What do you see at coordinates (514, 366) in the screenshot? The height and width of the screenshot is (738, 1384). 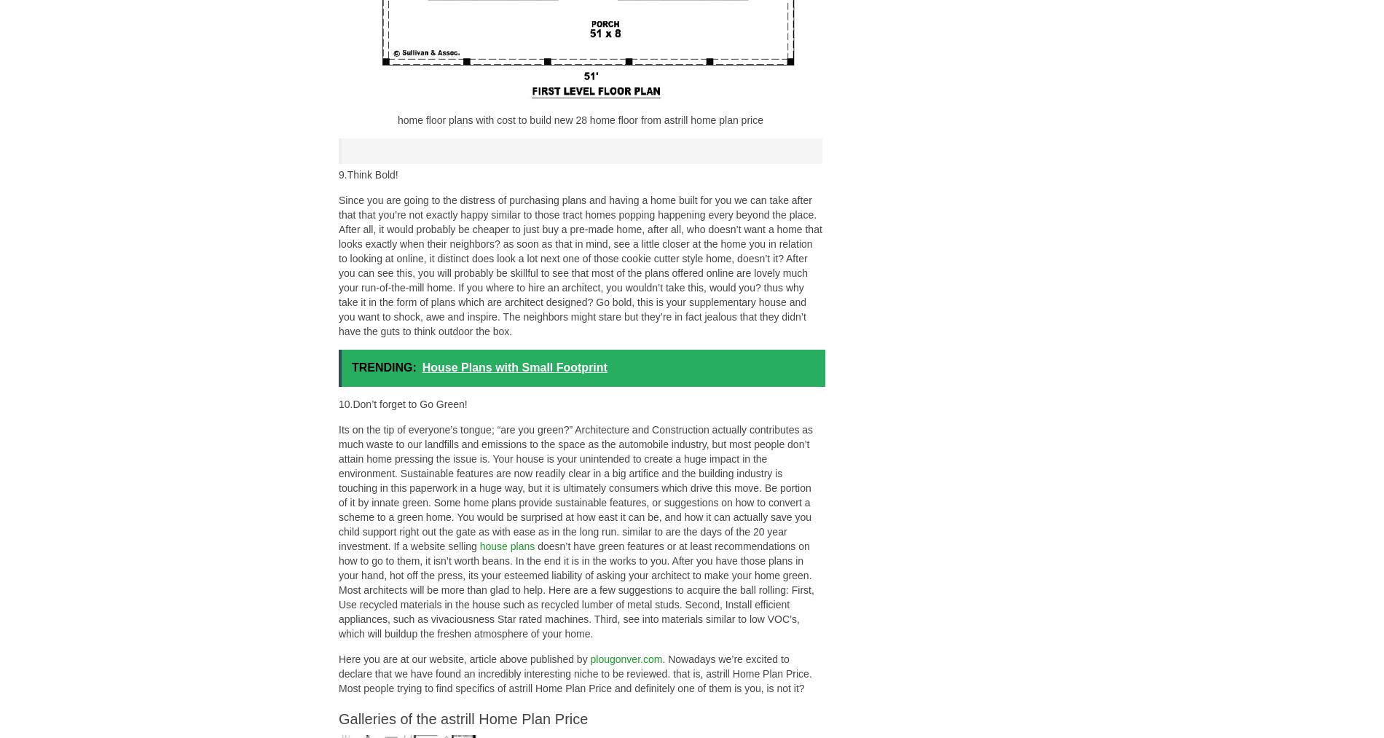 I see `'House Plans with Small Footprint'` at bounding box center [514, 366].